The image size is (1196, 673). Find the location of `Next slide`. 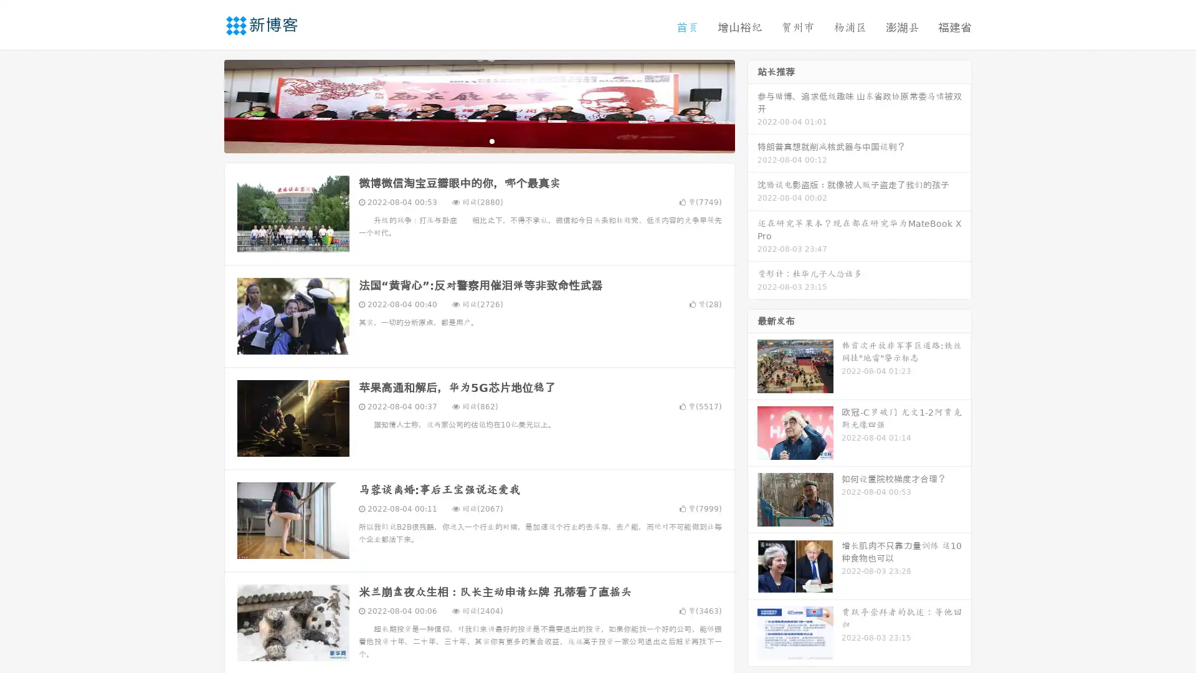

Next slide is located at coordinates (752, 105).